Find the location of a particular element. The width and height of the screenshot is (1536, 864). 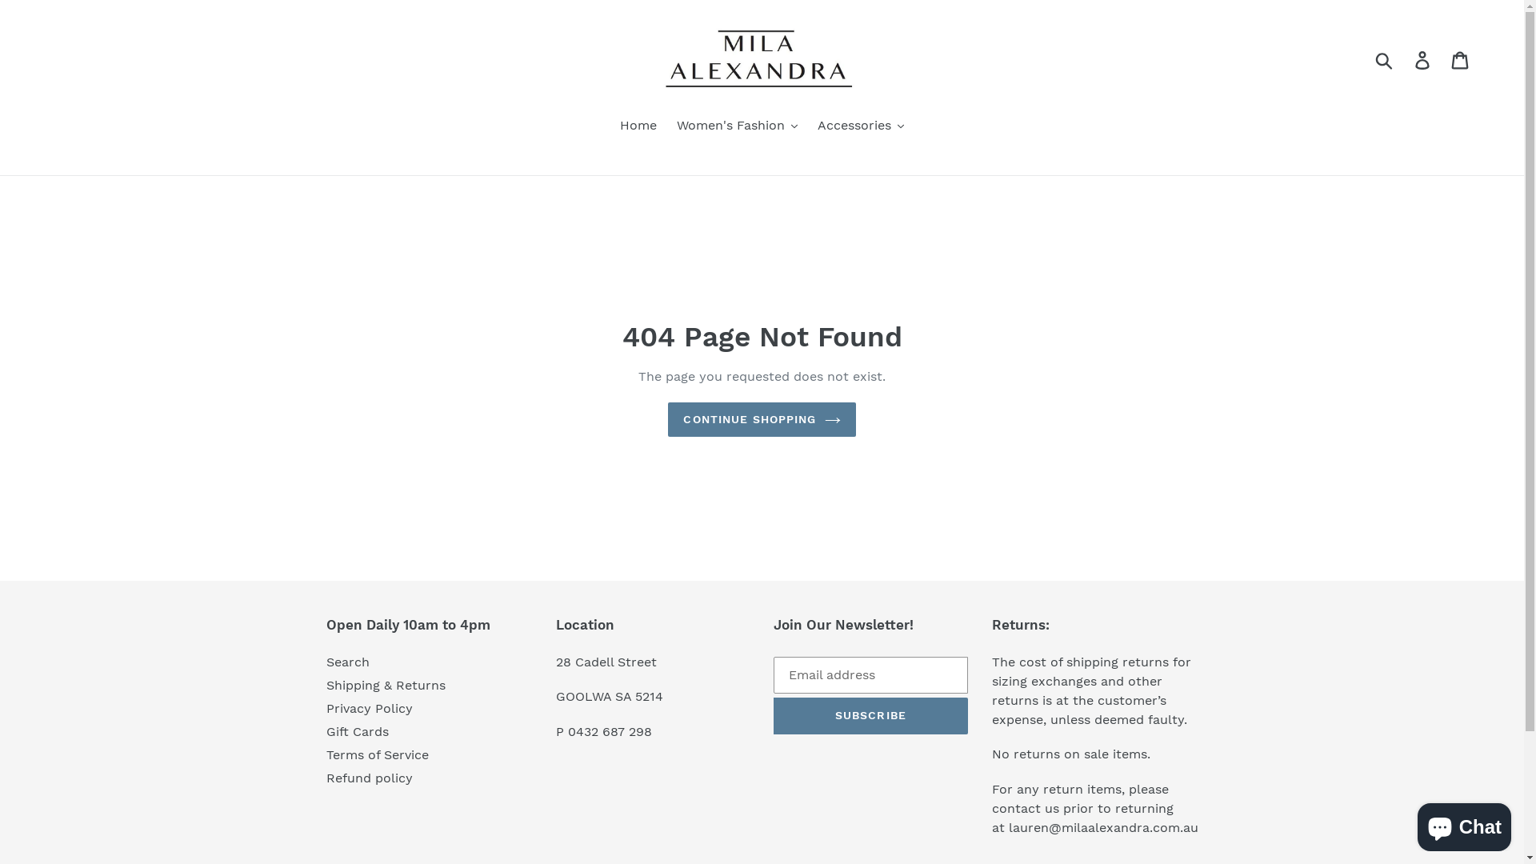

'Terms of Service' is located at coordinates (326, 754).